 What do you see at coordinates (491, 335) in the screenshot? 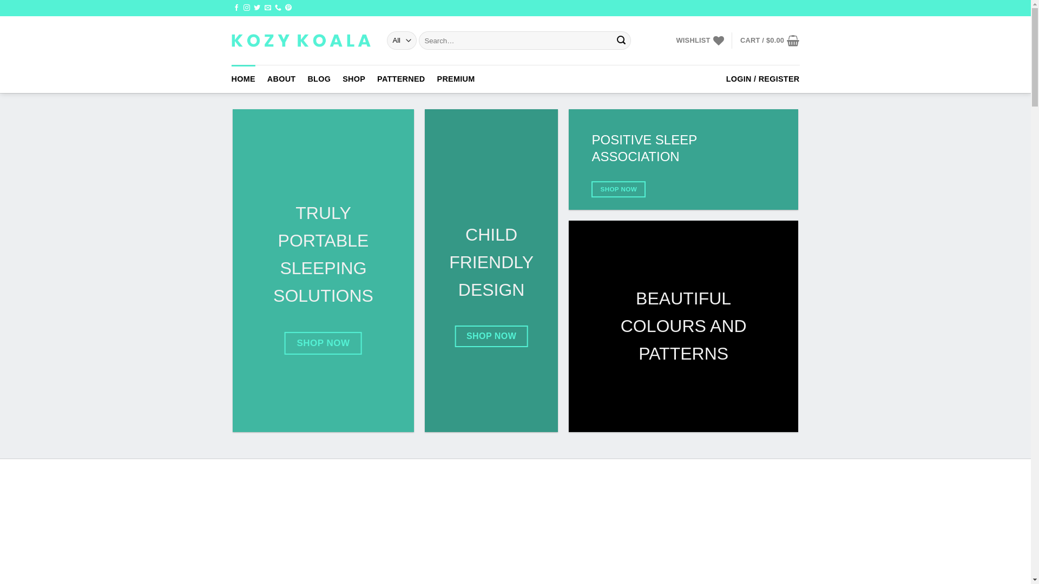
I see `'SHOP NOW'` at bounding box center [491, 335].